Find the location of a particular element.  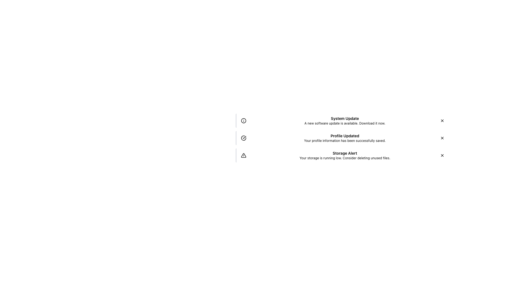

the close icon located at the right side of the 'Profile Updated' notification is located at coordinates (442, 138).